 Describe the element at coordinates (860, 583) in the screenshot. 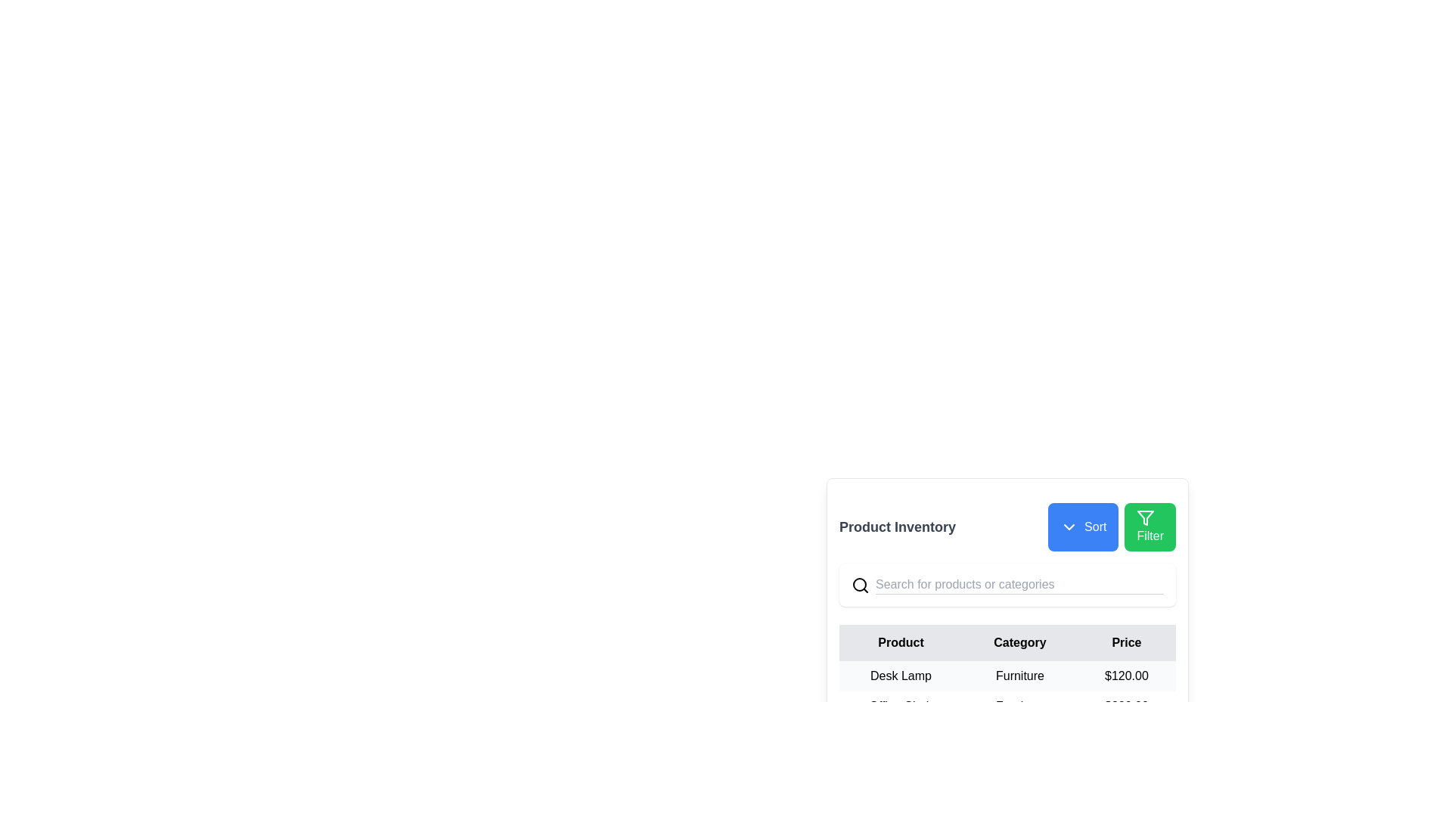

I see `the circular graphical component of the search magnifying glass icon located on the left side of the search bar in the Product Inventory section` at that location.